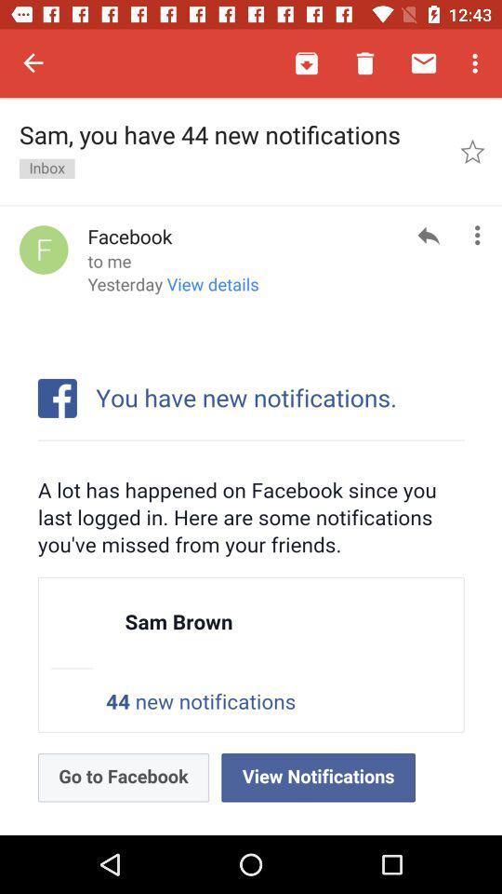  Describe the element at coordinates (44, 249) in the screenshot. I see `the icon next to facebook` at that location.